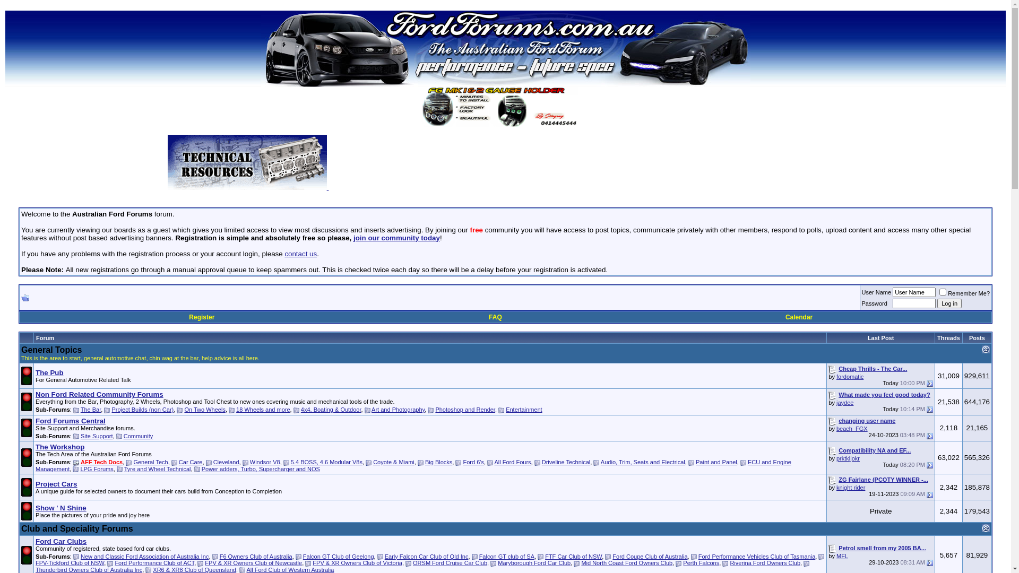 This screenshot has height=573, width=1019. What do you see at coordinates (101, 462) in the screenshot?
I see `'AFF Tech Docs'` at bounding box center [101, 462].